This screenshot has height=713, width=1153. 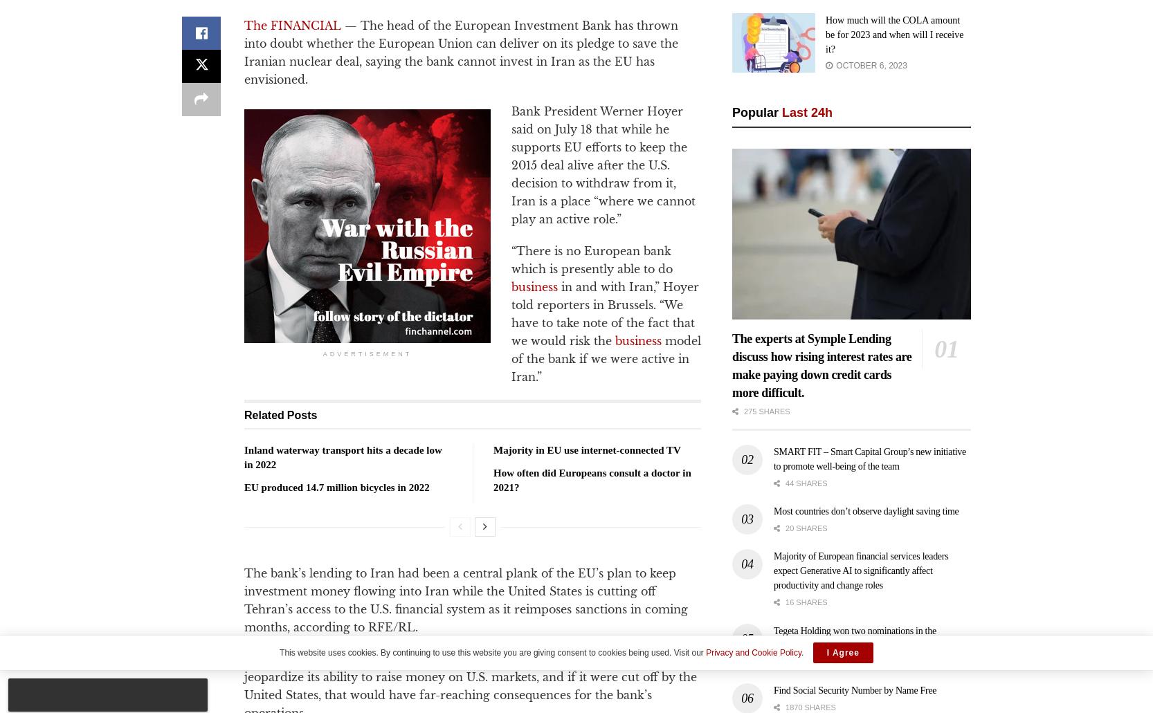 What do you see at coordinates (804, 527) in the screenshot?
I see `'20 shares'` at bounding box center [804, 527].